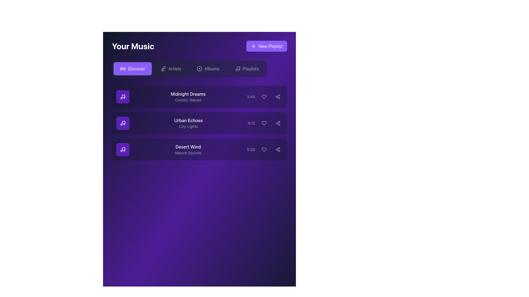 Image resolution: width=529 pixels, height=297 pixels. I want to click on the informational text label displaying the duration of a media item, located in the first row of a list, to the right of the main text content and near interactive icons, so click(251, 96).